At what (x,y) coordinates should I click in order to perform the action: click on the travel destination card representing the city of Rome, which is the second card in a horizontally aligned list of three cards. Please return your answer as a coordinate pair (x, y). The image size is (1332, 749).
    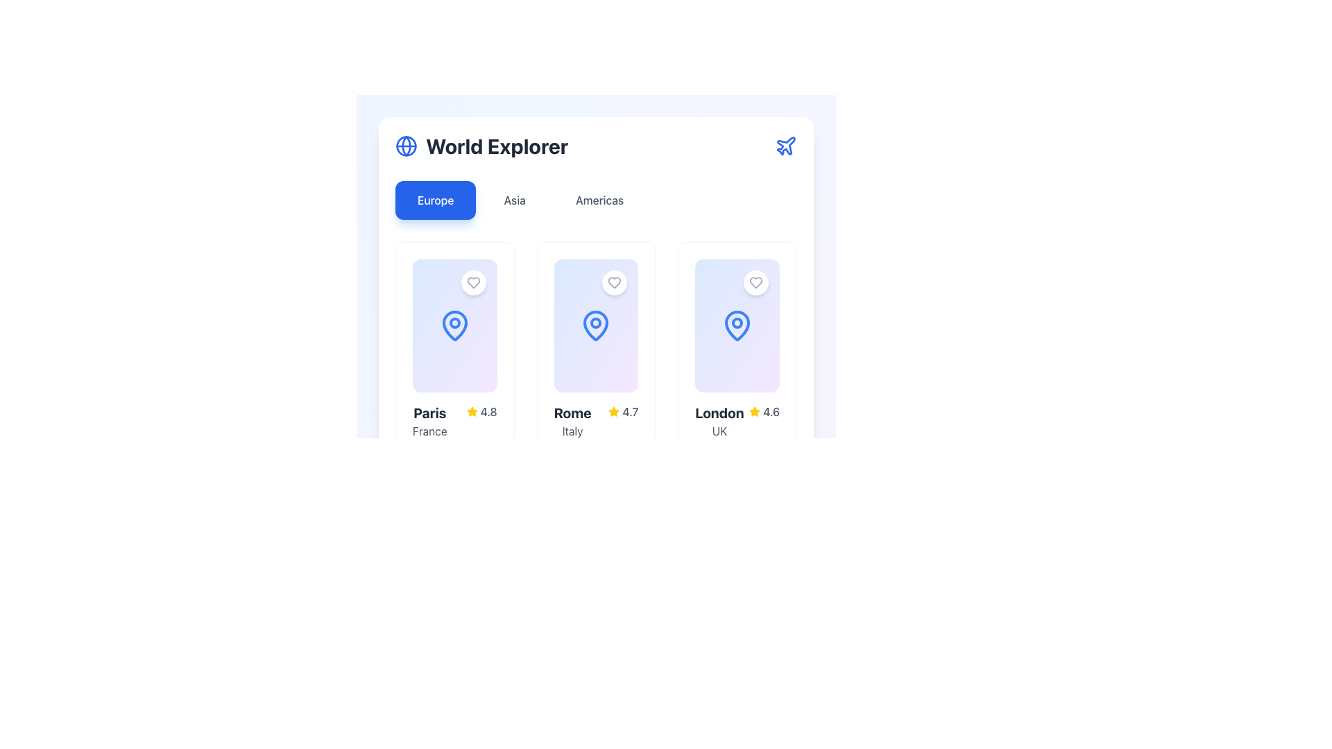
    Looking at the image, I should click on (596, 390).